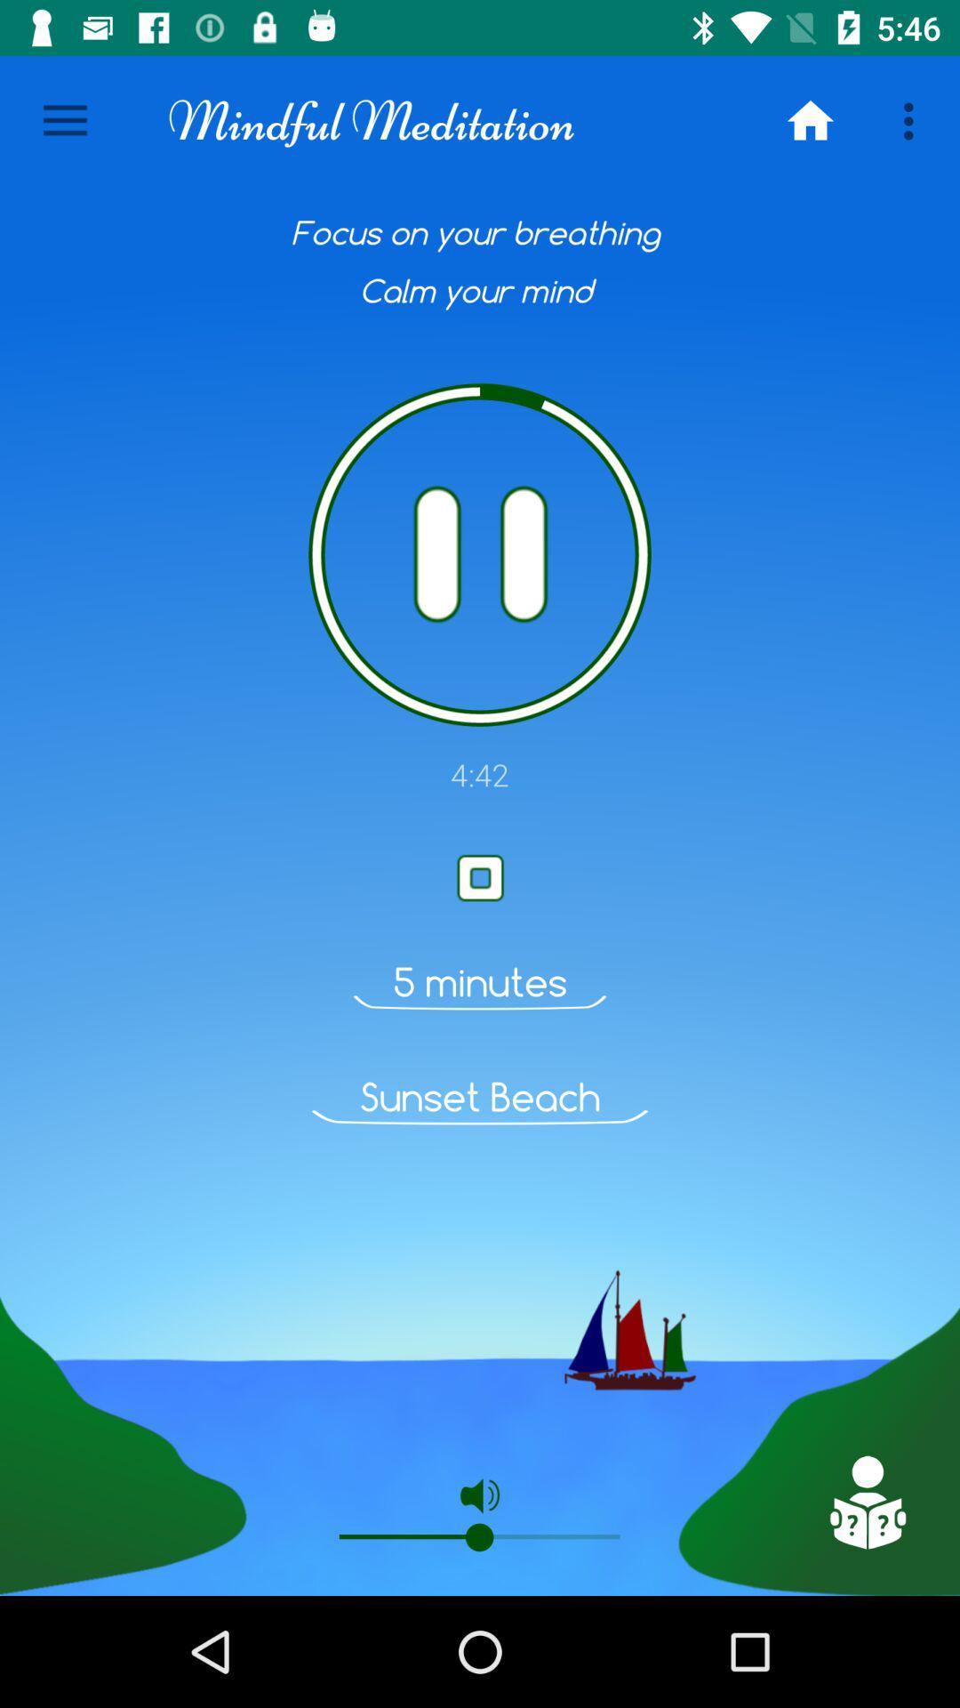  I want to click on go back, so click(866, 1502).